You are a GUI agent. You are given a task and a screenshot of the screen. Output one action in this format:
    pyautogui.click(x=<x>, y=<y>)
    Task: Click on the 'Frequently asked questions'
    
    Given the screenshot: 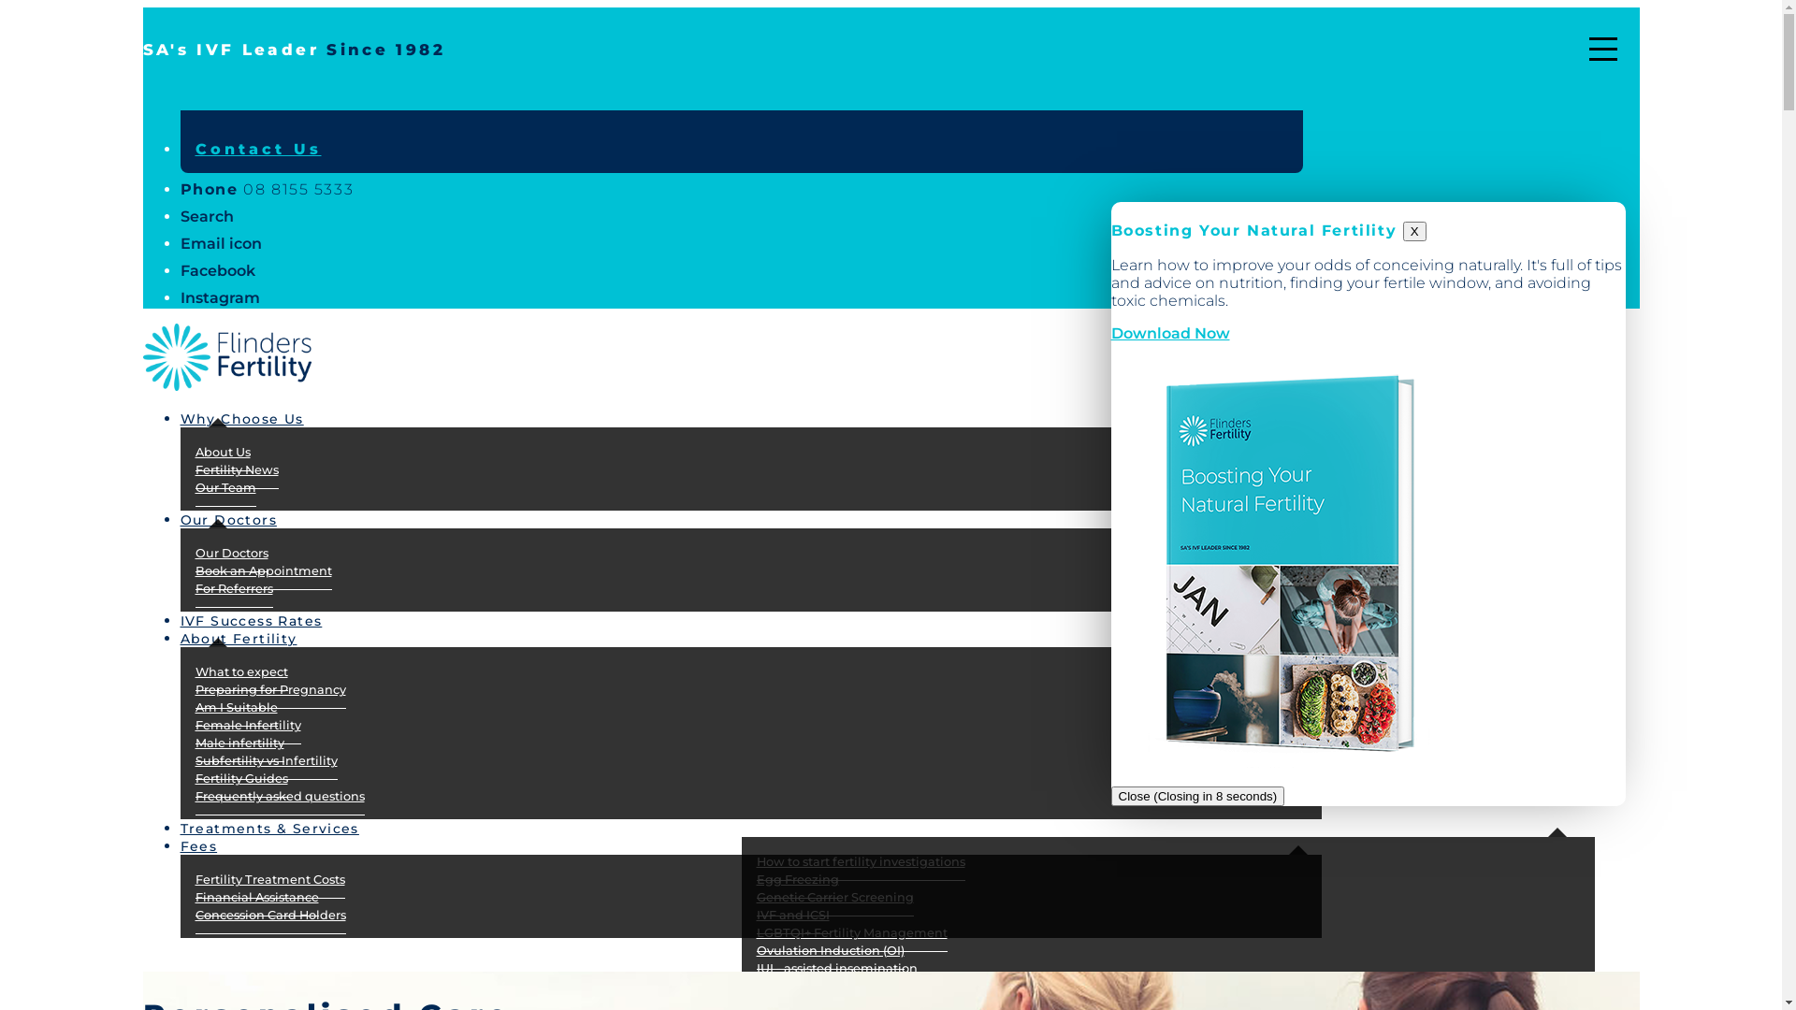 What is the action you would take?
    pyautogui.click(x=278, y=797)
    